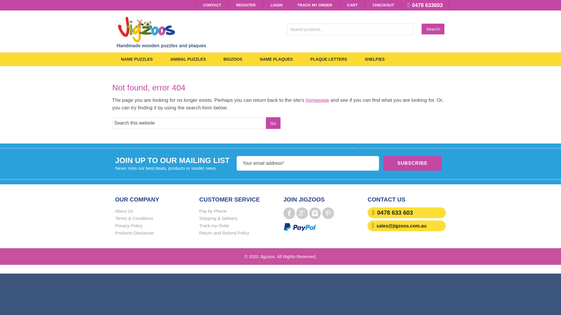 This screenshot has width=561, height=315. Describe the element at coordinates (251, 59) in the screenshot. I see `'NAME PLAQUES'` at that location.